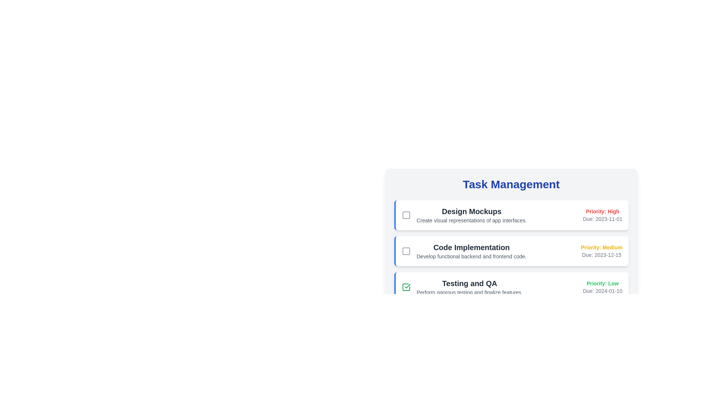  Describe the element at coordinates (471, 251) in the screenshot. I see `to select or edit the Task item titled 'Code Implementation', which is the second item in the 'Task Management' panel` at that location.